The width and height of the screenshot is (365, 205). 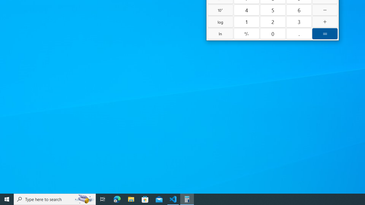 I want to click on 'One', so click(x=247, y=22).